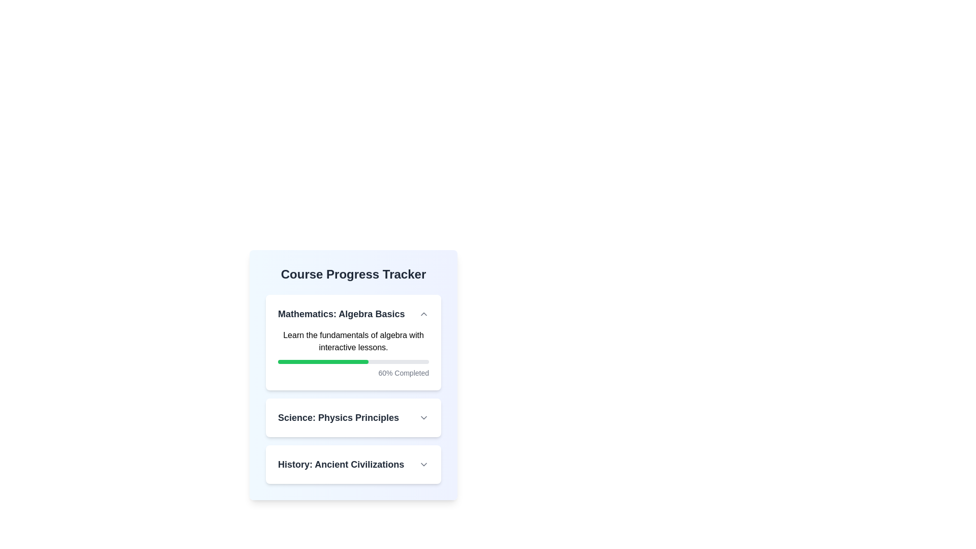 The image size is (976, 549). What do you see at coordinates (424, 417) in the screenshot?
I see `the dropdown toggle button at the rightmost edge of the 'Science: Physics Principles' section` at bounding box center [424, 417].